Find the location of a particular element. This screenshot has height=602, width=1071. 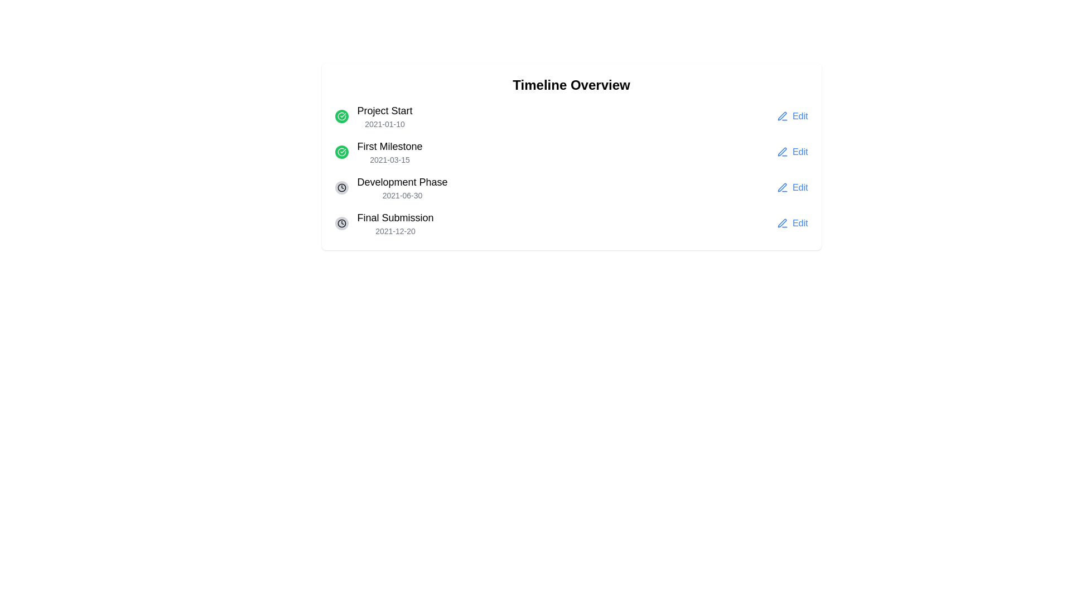

the icon that indicates temporal progress next to the 'Development Phase' milestone in the timeline overview is located at coordinates (341, 187).